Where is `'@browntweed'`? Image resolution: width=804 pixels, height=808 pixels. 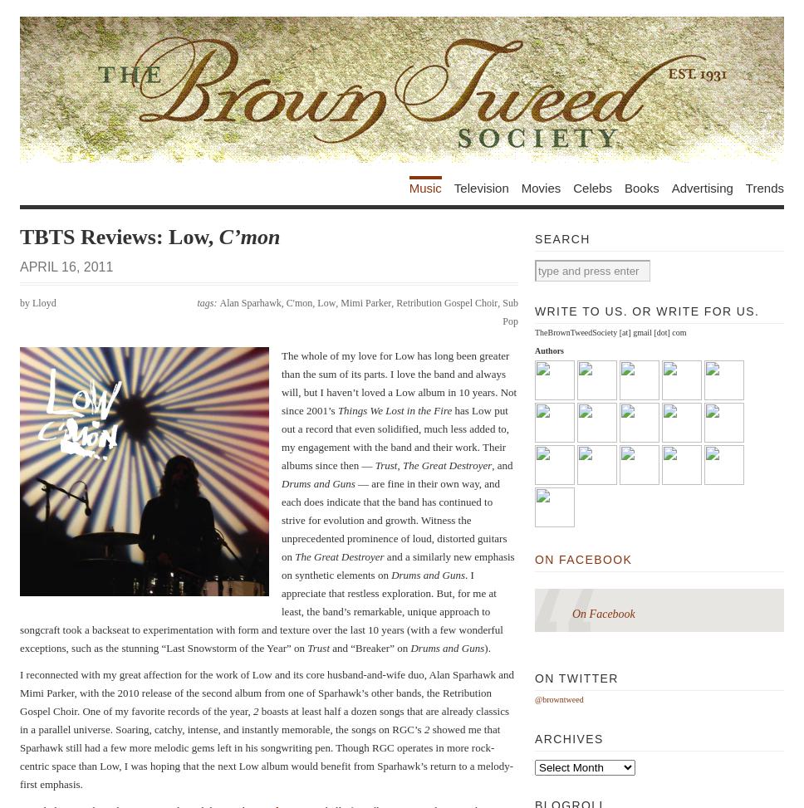 '@browntweed' is located at coordinates (558, 699).